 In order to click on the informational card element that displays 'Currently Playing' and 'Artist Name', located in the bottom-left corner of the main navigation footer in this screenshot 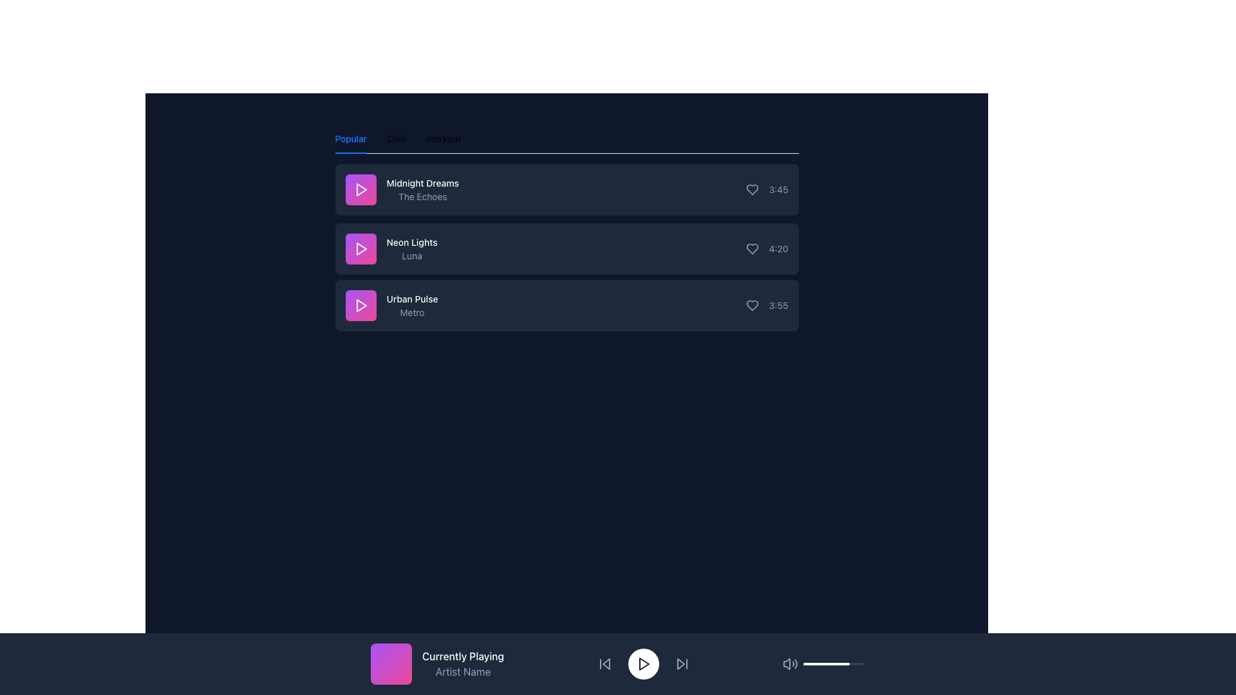, I will do `click(437, 664)`.